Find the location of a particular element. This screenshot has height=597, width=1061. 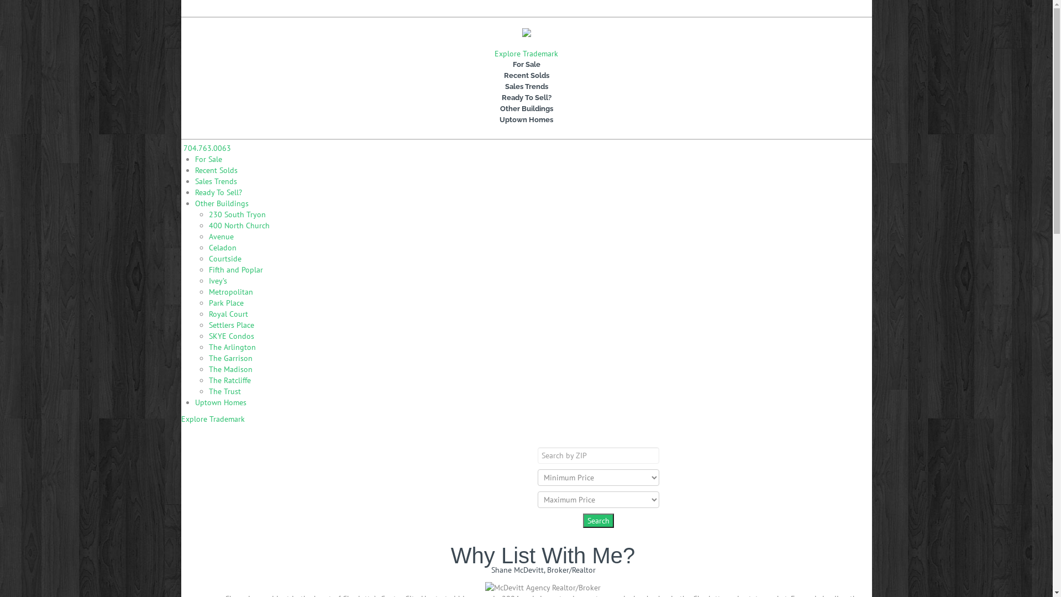

'Other Buildings' is located at coordinates (221, 203).